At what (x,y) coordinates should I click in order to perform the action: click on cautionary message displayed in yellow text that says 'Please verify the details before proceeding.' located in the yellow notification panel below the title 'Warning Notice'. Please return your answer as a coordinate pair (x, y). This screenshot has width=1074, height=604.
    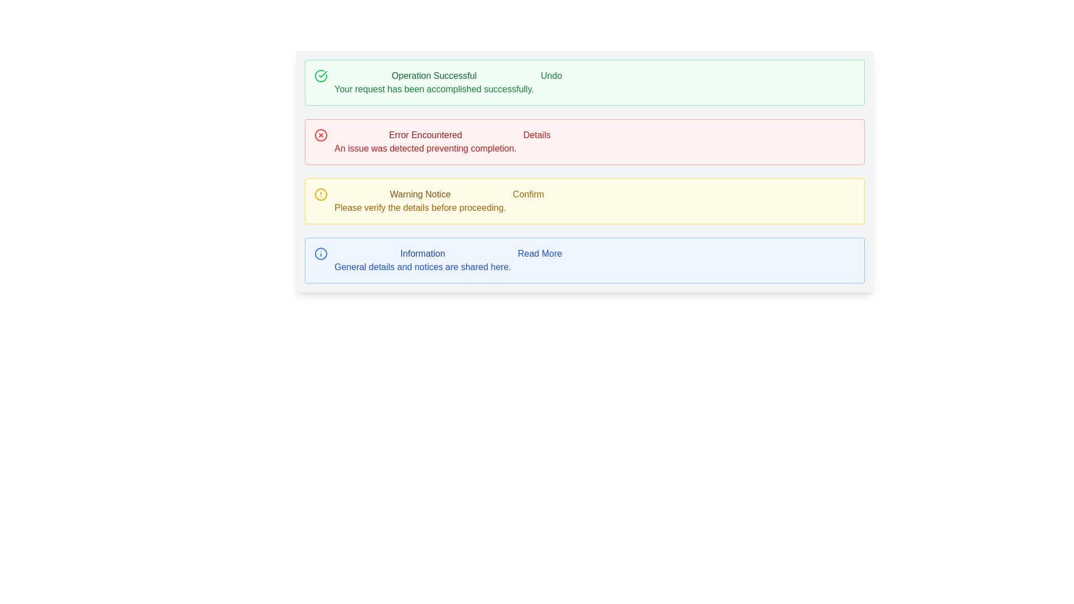
    Looking at the image, I should click on (420, 207).